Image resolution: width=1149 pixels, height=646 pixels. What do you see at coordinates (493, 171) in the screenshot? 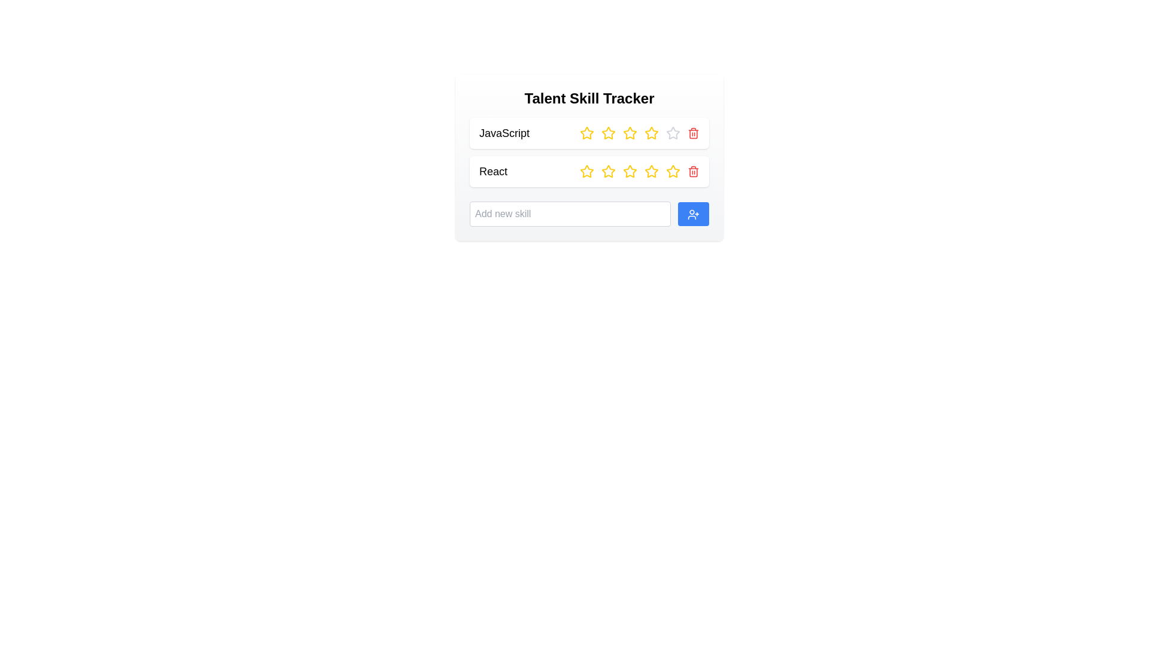
I see `label identifying the skill category located below the 'JavaScript' card and above the 'Add new skill' input box in the skill tracker UI` at bounding box center [493, 171].